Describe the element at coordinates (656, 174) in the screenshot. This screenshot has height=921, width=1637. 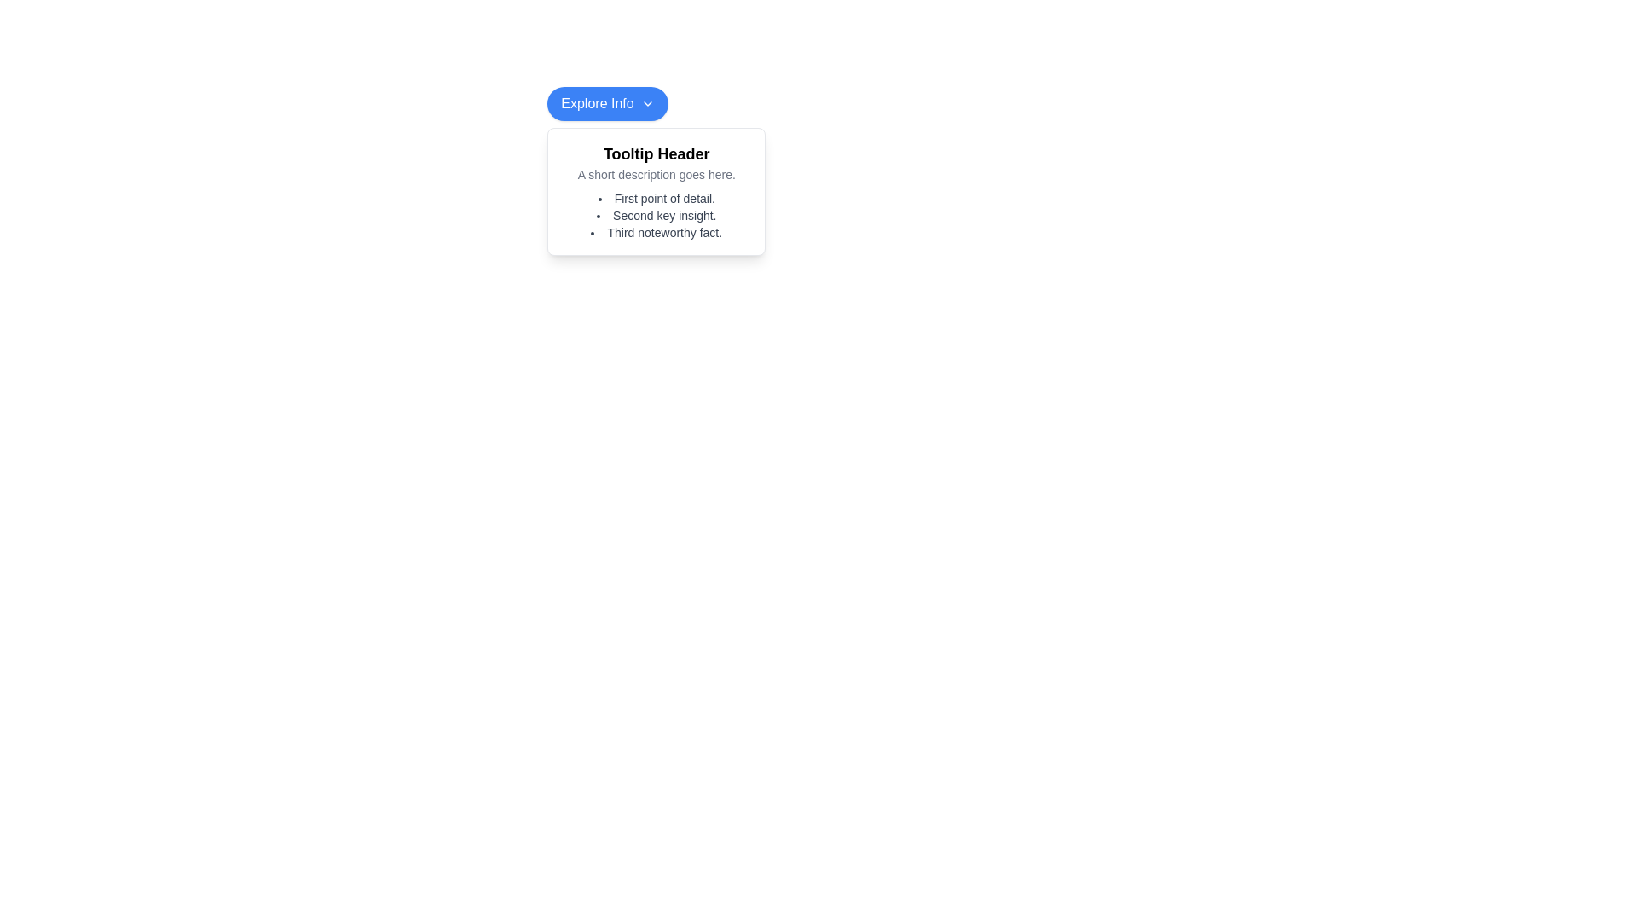
I see `the informational text displayed below the 'Tooltip Header' in the interface, which provides a brief descriptive statement` at that location.